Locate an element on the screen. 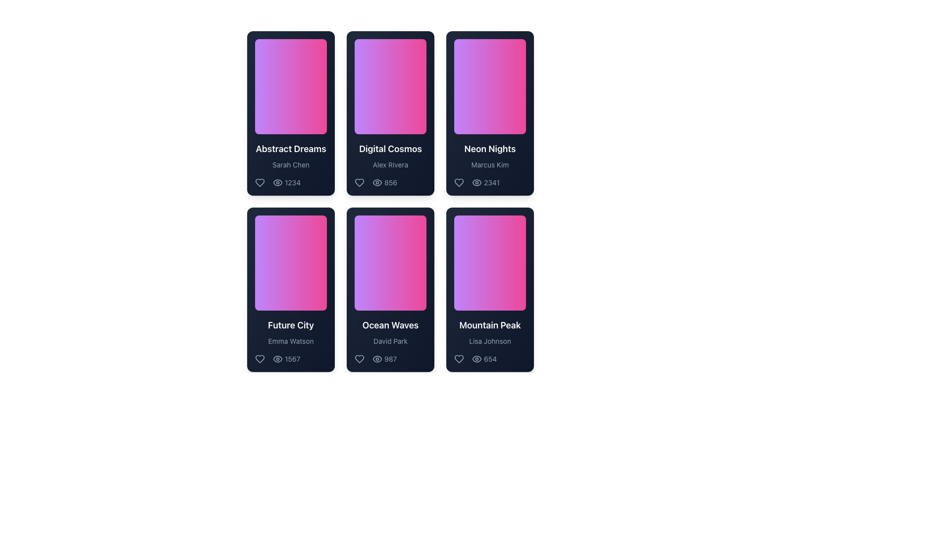  the eye icon located at the bottom-right corner of the 'Mountain Peak' card, which represents the view metric is located at coordinates (477, 359).